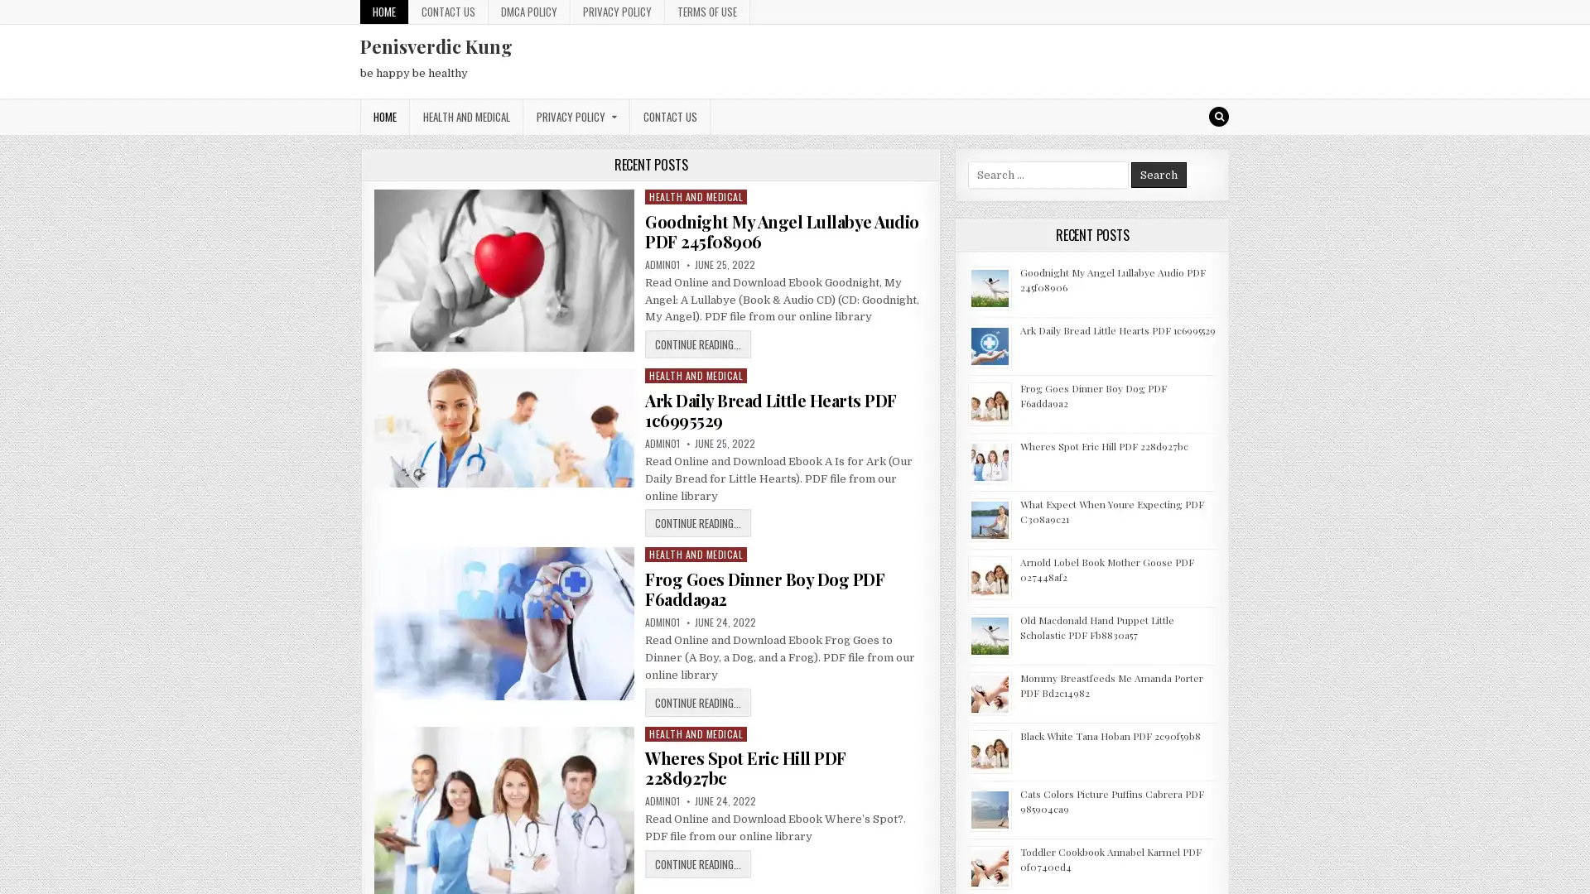 This screenshot has height=894, width=1590. Describe the element at coordinates (1158, 175) in the screenshot. I see `Search` at that location.